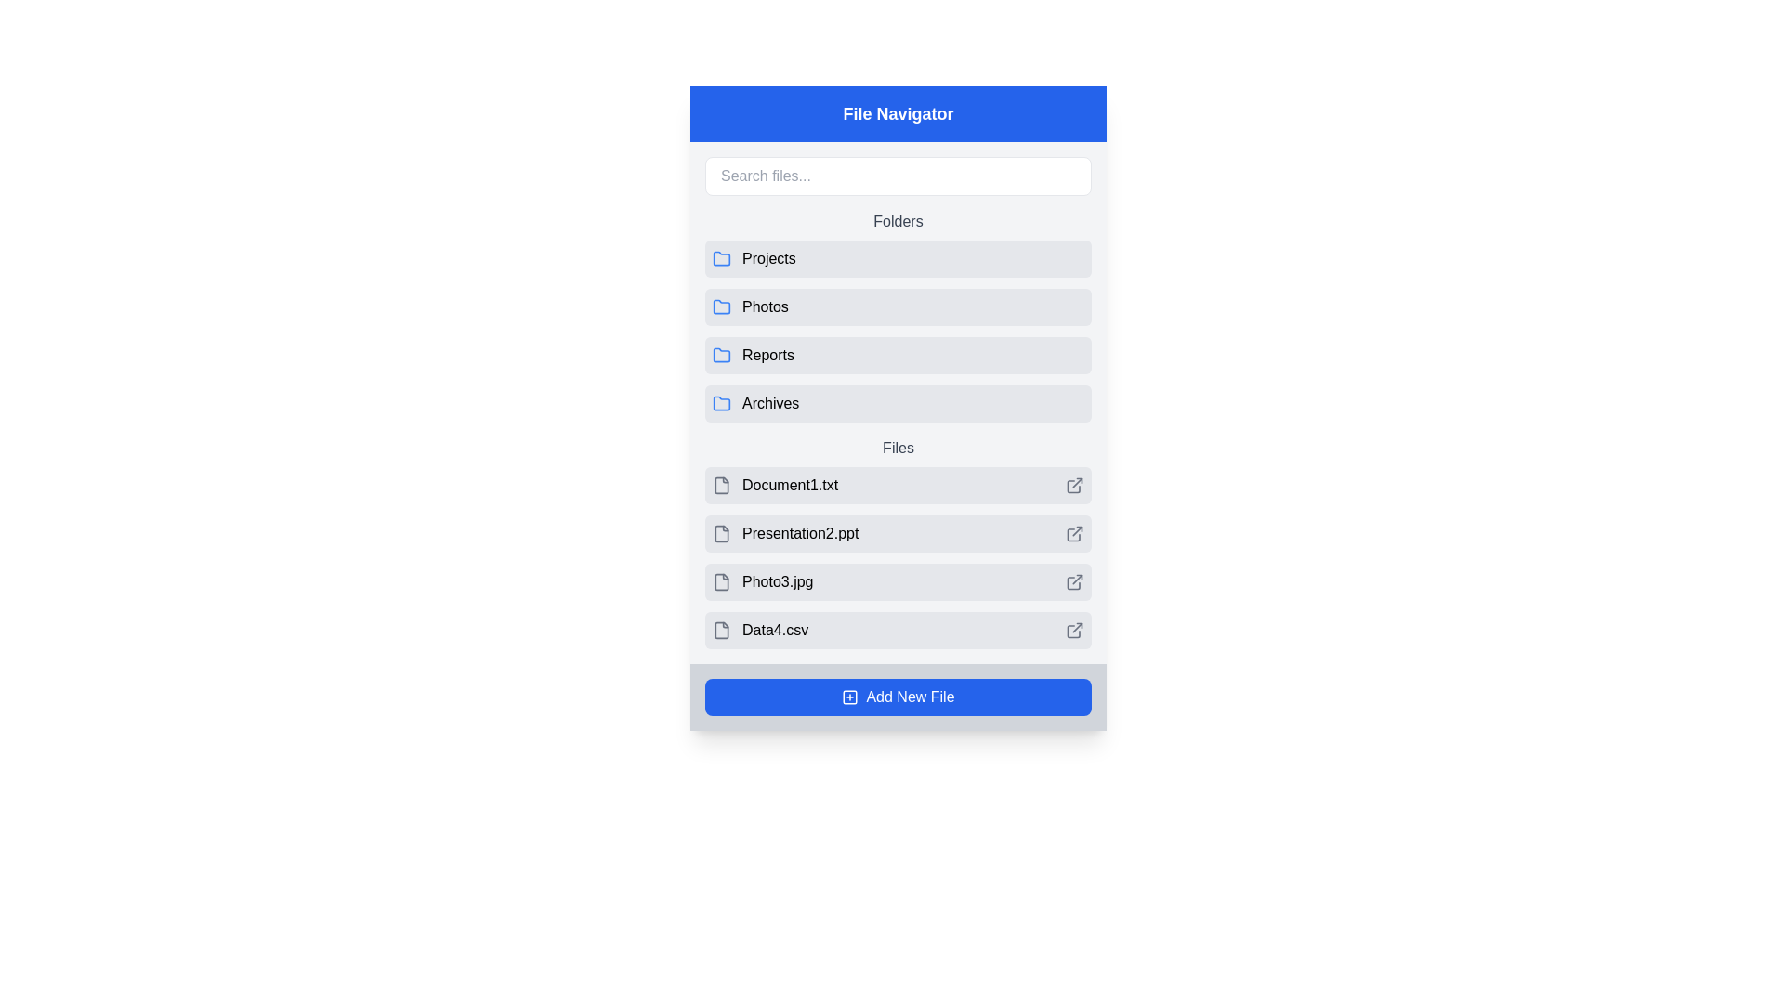 The image size is (1784, 1003). What do you see at coordinates (763, 581) in the screenshot?
I see `the icon of the file representation labeled 'Photo3.jpg' in the 'Files' section` at bounding box center [763, 581].